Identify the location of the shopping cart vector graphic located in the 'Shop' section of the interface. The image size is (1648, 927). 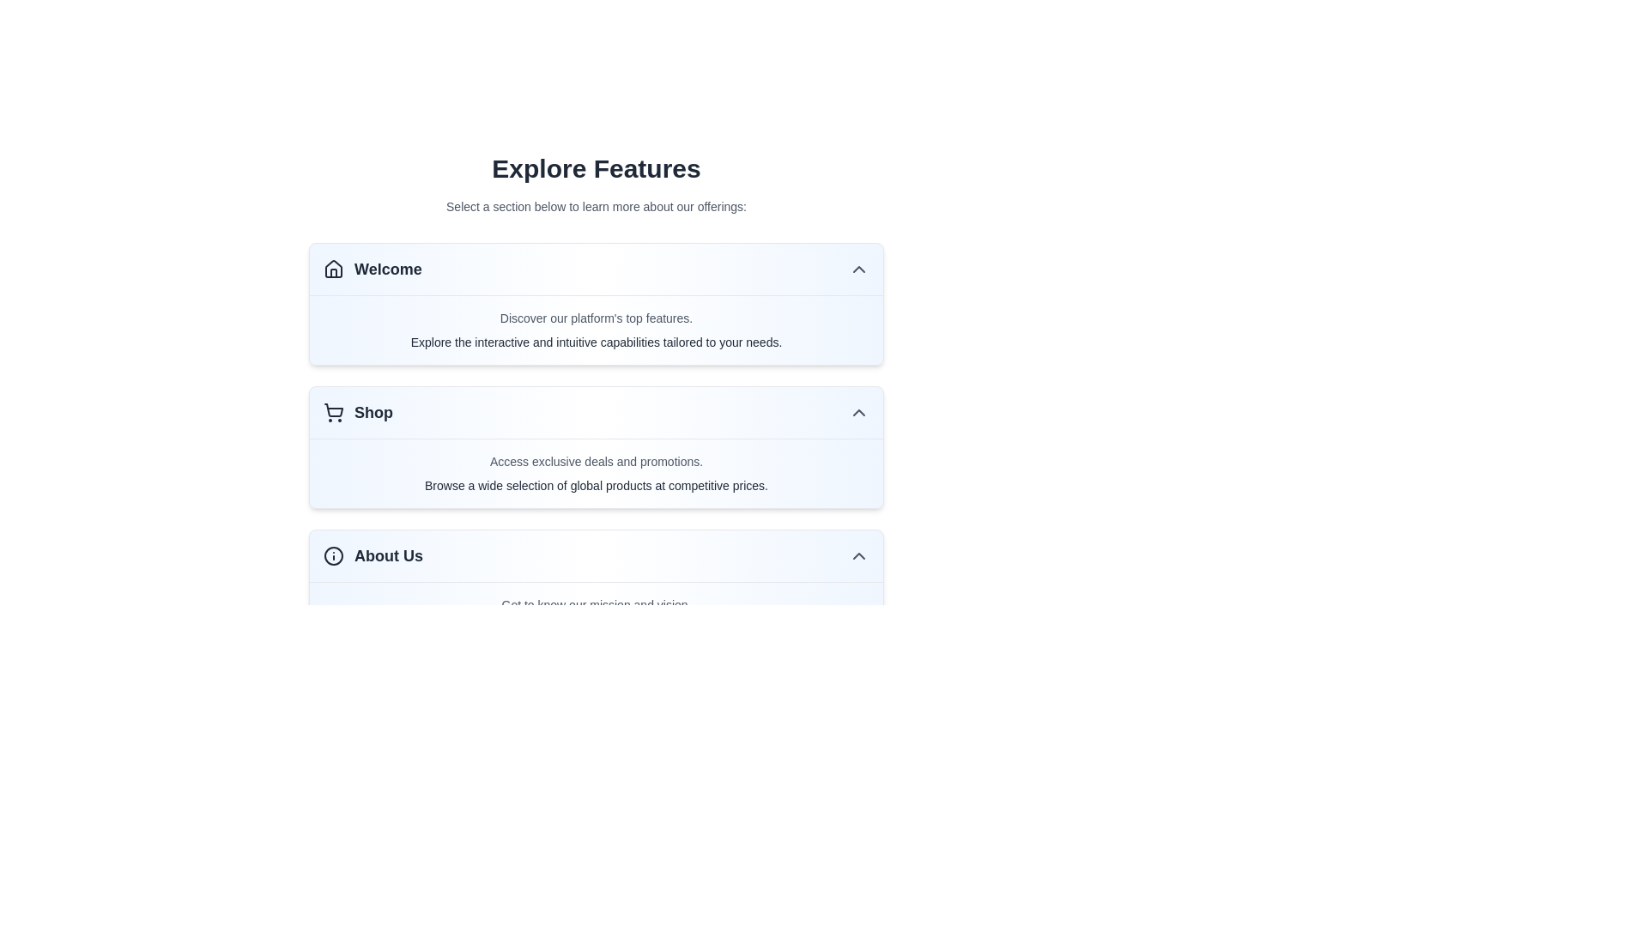
(333, 410).